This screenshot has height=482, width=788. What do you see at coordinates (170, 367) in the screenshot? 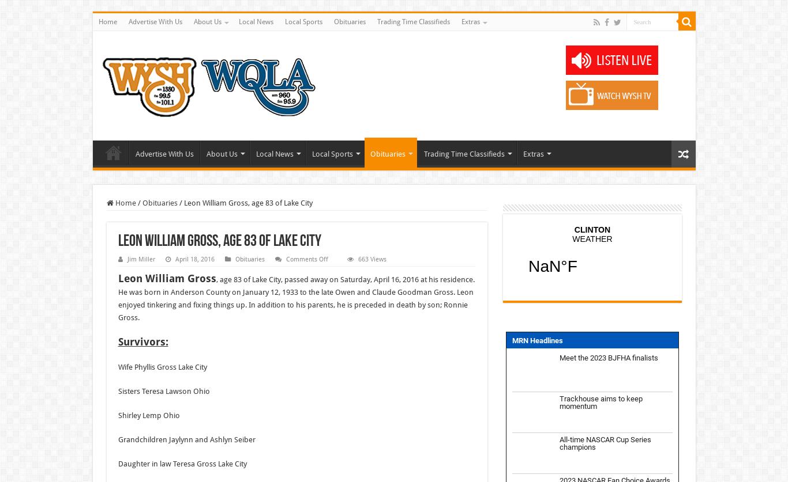
I see `'Phyllis Gross Lake City'` at bounding box center [170, 367].